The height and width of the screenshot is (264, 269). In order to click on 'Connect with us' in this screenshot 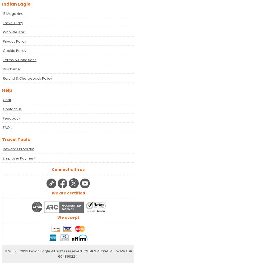, I will do `click(68, 169)`.